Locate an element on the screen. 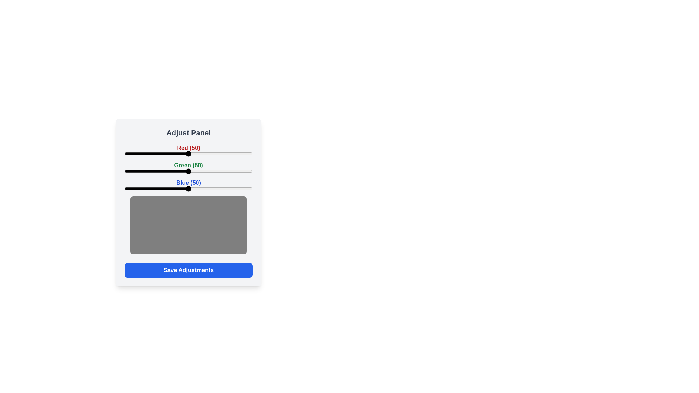 This screenshot has height=393, width=699. the blue slider to 26 percent is located at coordinates (157, 188).